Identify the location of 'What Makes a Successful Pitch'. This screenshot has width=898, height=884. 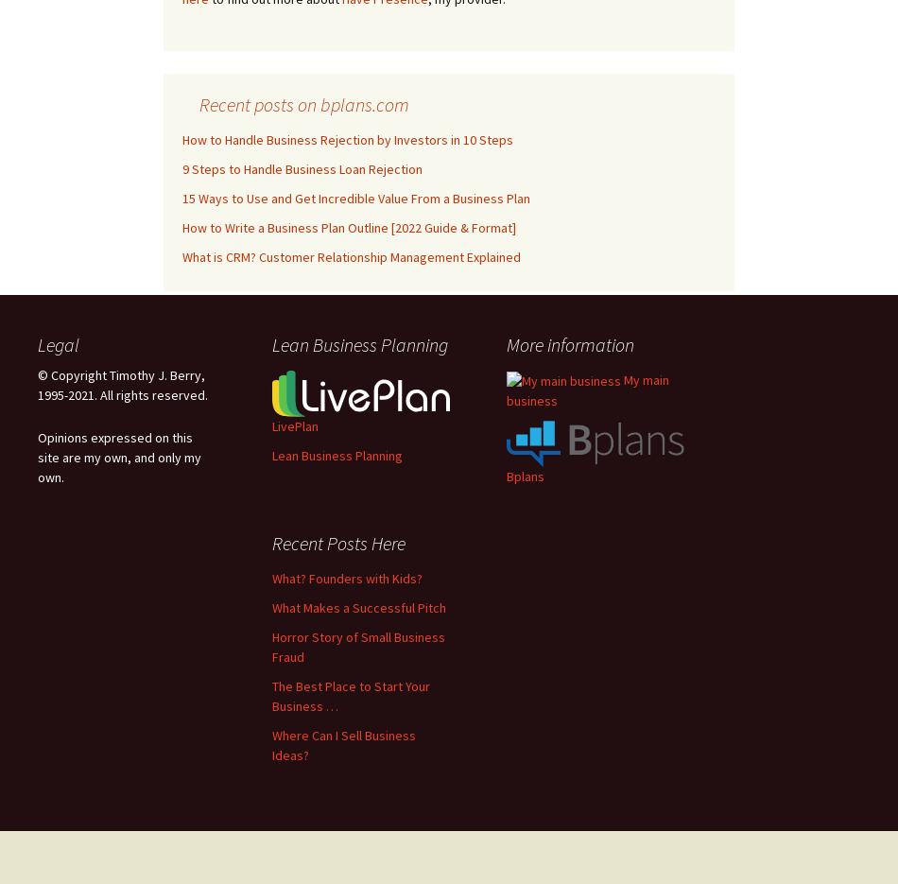
(358, 606).